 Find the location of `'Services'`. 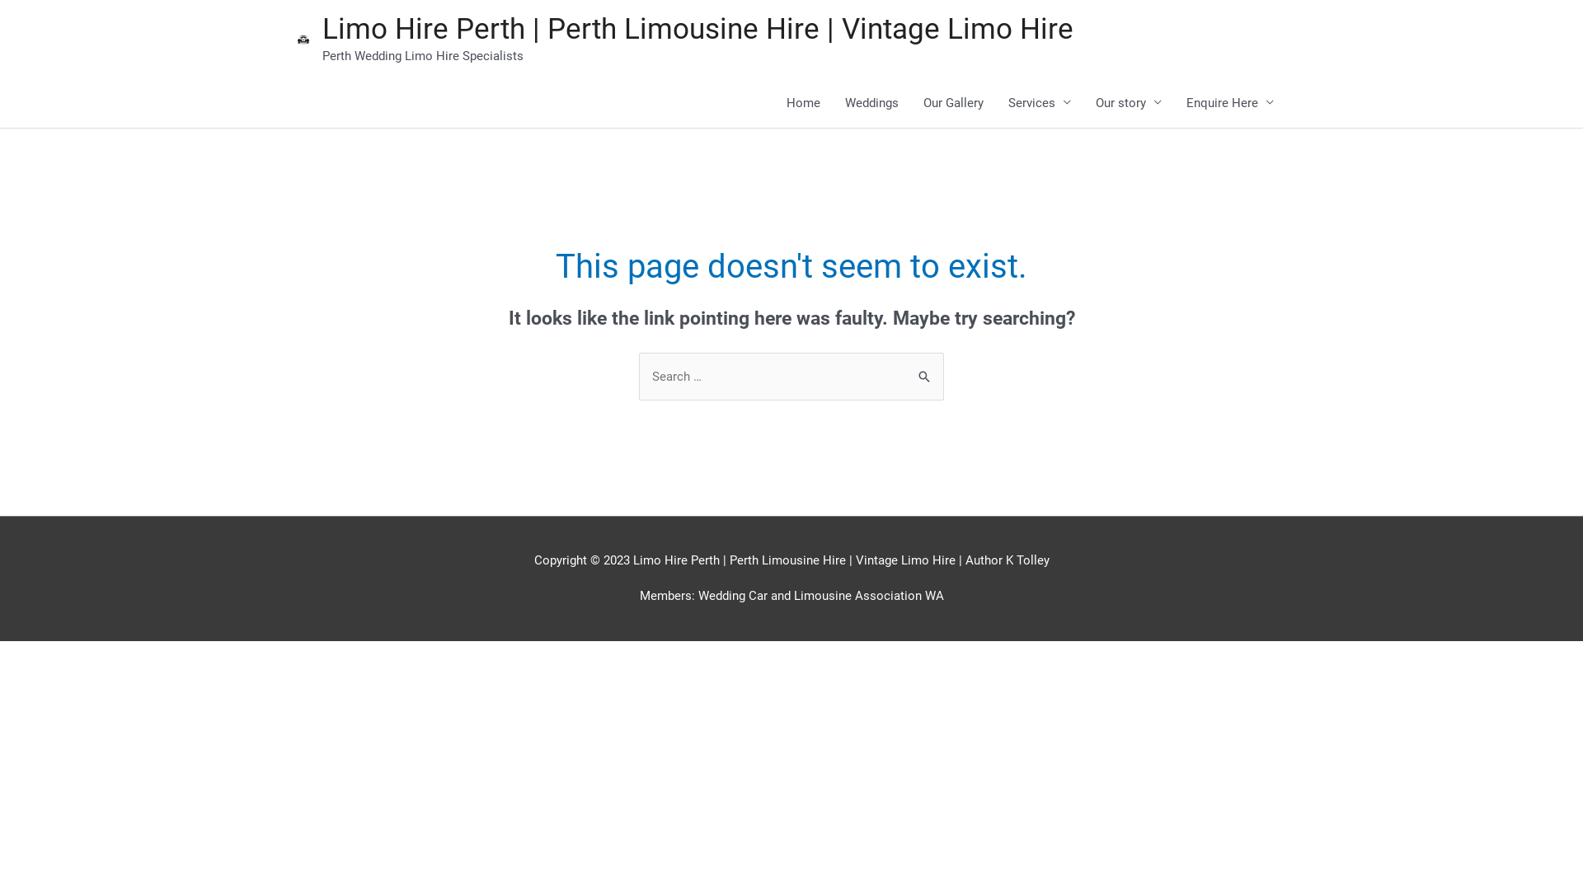

'Services' is located at coordinates (1039, 101).